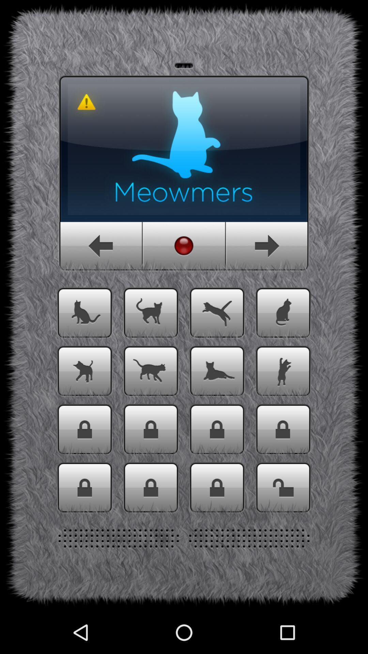 Image resolution: width=368 pixels, height=654 pixels. I want to click on the lock icon, so click(217, 525).